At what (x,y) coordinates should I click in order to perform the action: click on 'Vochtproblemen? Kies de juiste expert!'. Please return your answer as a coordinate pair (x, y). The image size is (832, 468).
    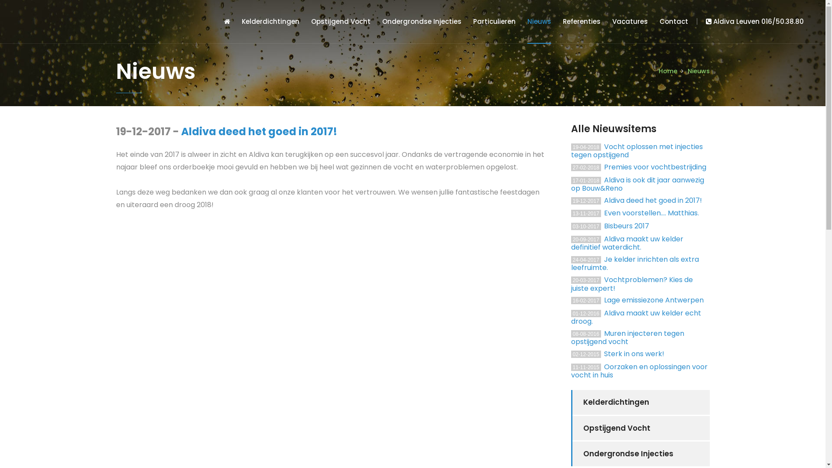
    Looking at the image, I should click on (632, 284).